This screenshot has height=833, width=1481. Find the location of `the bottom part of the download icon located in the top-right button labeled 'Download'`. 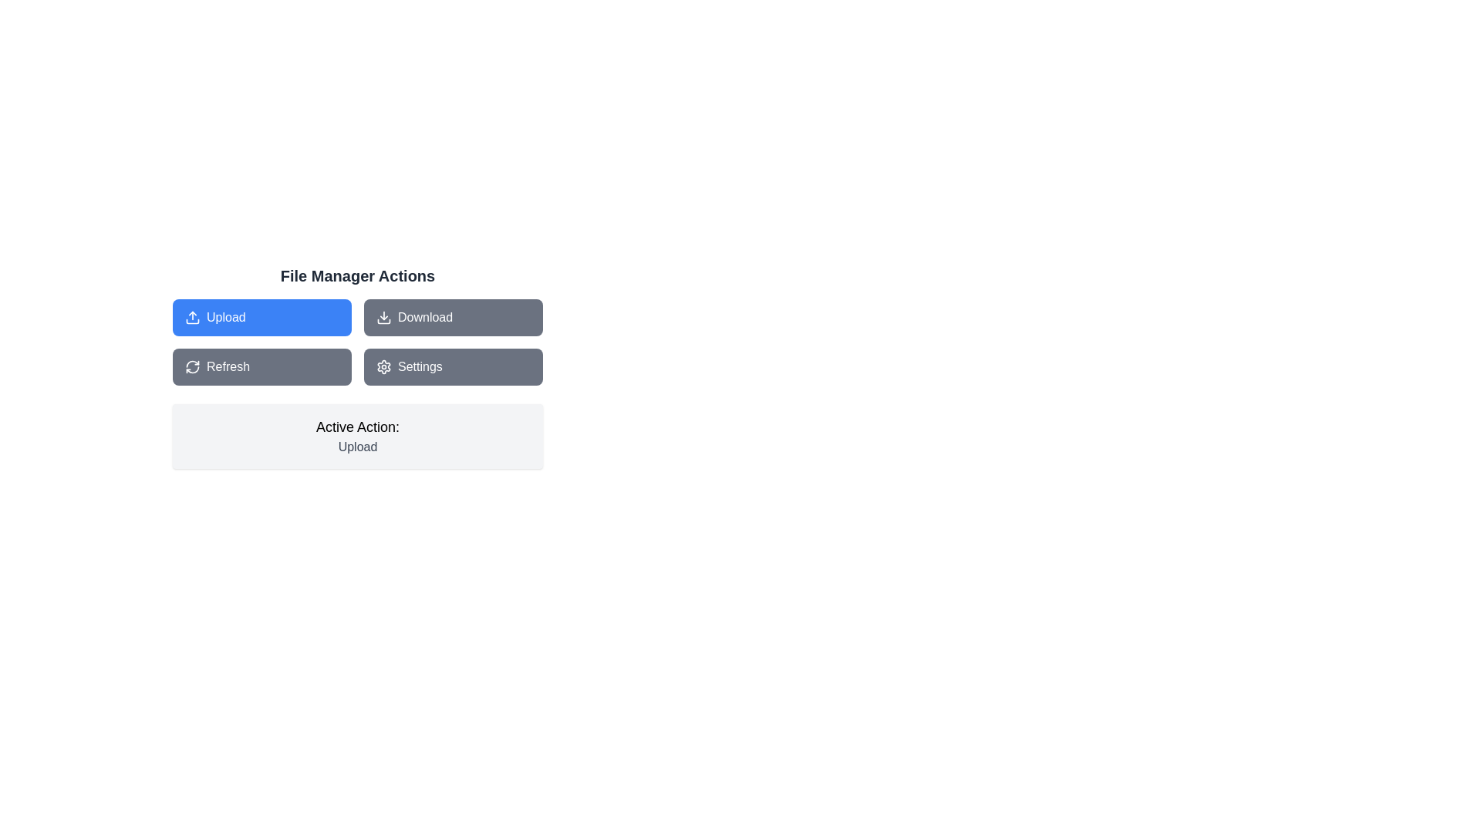

the bottom part of the download icon located in the top-right button labeled 'Download' is located at coordinates (384, 320).